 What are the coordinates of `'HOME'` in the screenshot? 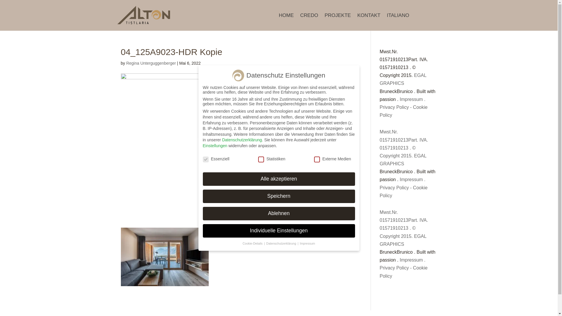 It's located at (286, 16).